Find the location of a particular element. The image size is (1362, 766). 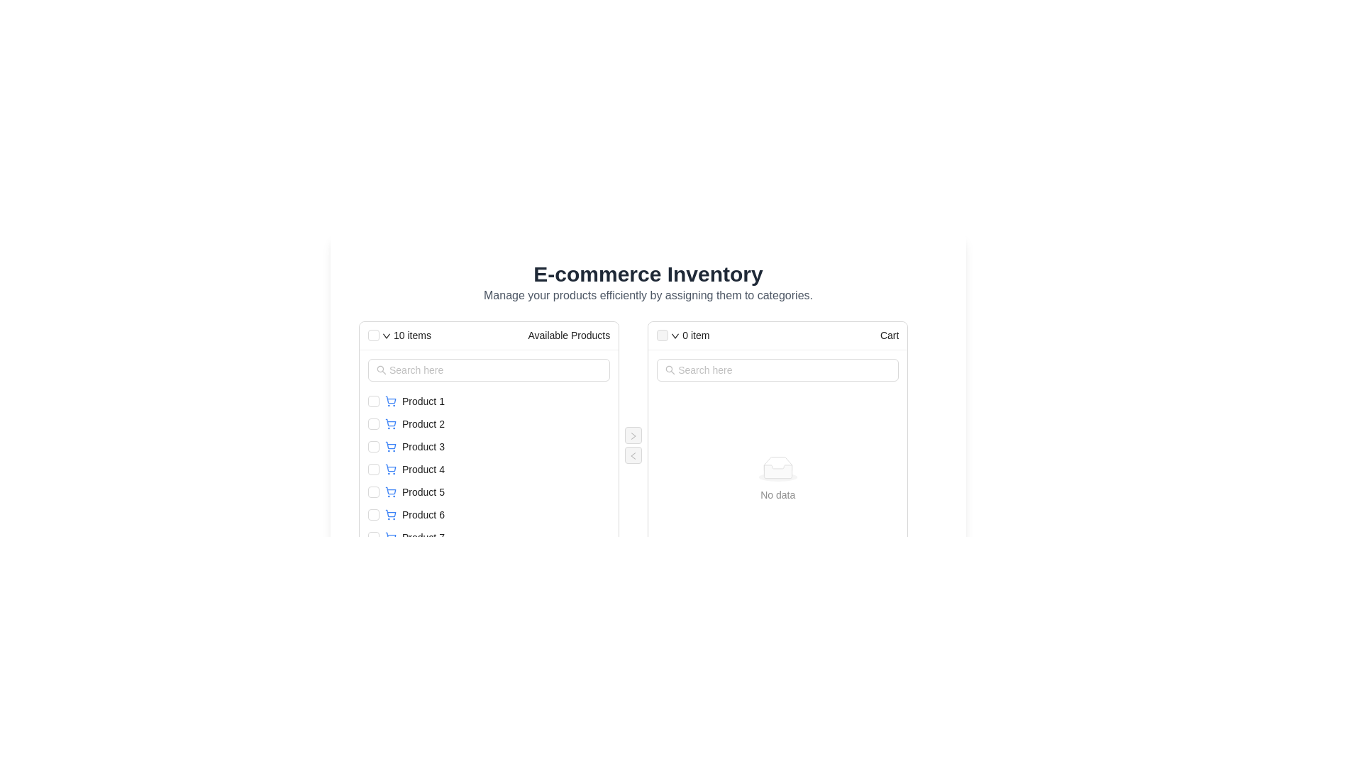

the small square button with a left arrow icon to transfer items from the cart to available products, located centrally between the 'Available Products' and 'Cart' sections is located at coordinates (633, 455).